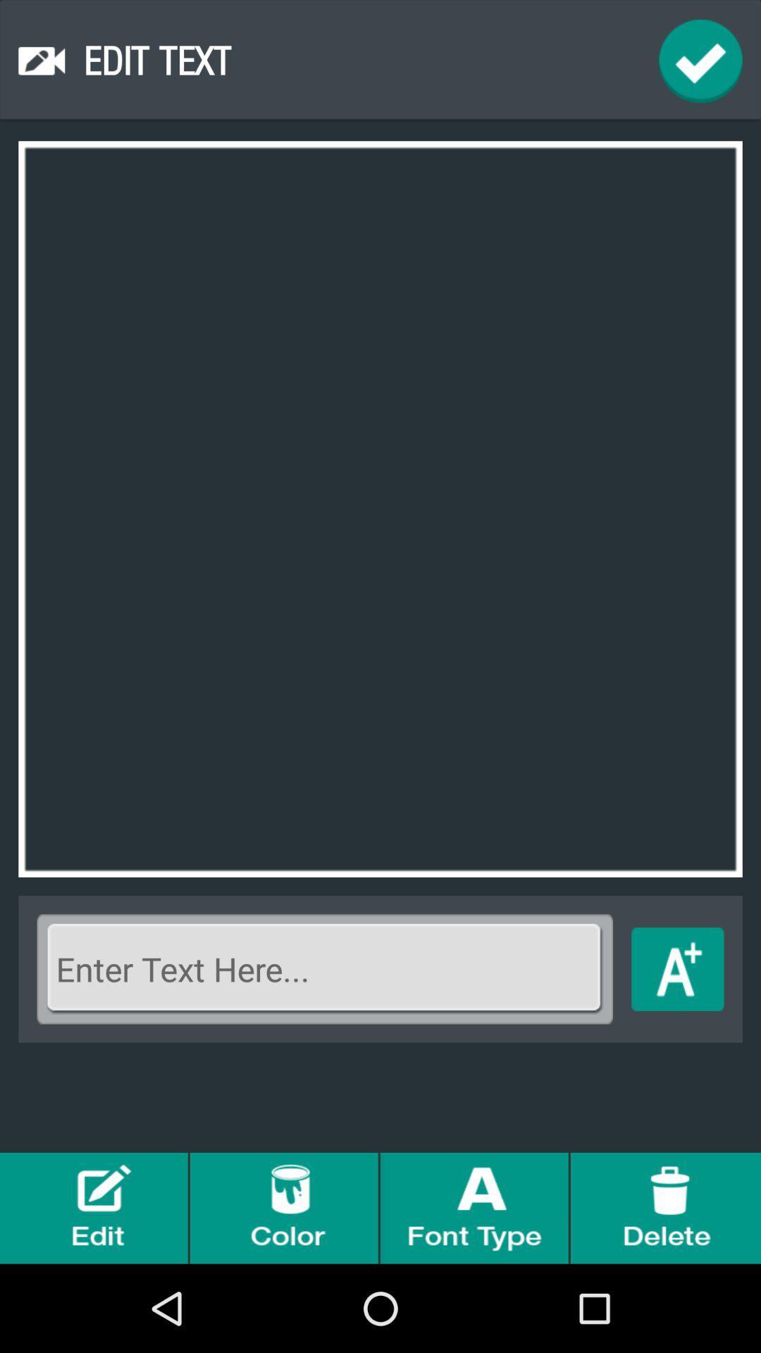  I want to click on edit, so click(95, 1207).